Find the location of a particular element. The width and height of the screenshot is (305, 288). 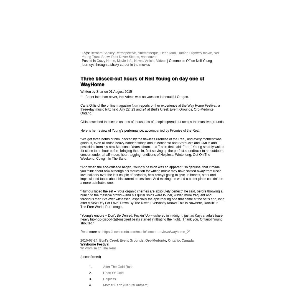

'Wayhome Festival' is located at coordinates (94, 244).